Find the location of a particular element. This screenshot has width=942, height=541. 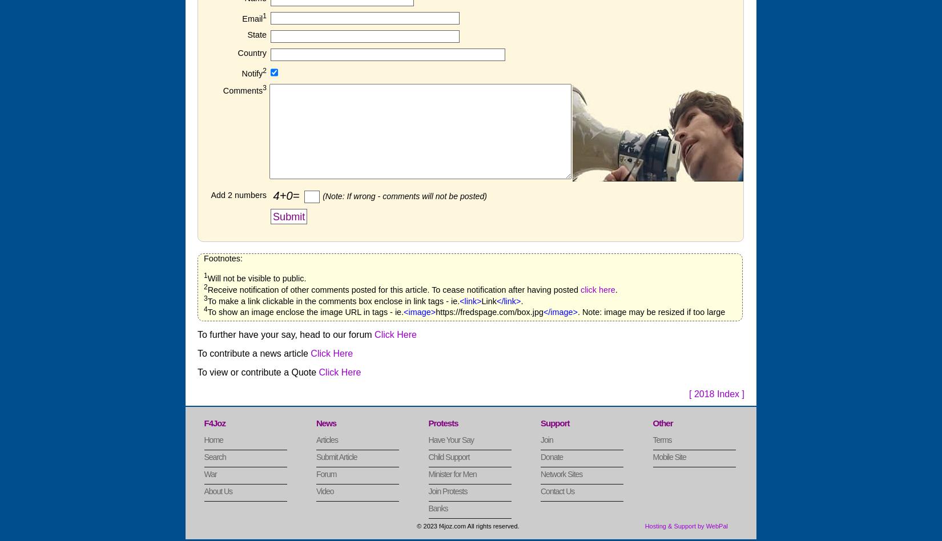

'Email' is located at coordinates (252, 18).